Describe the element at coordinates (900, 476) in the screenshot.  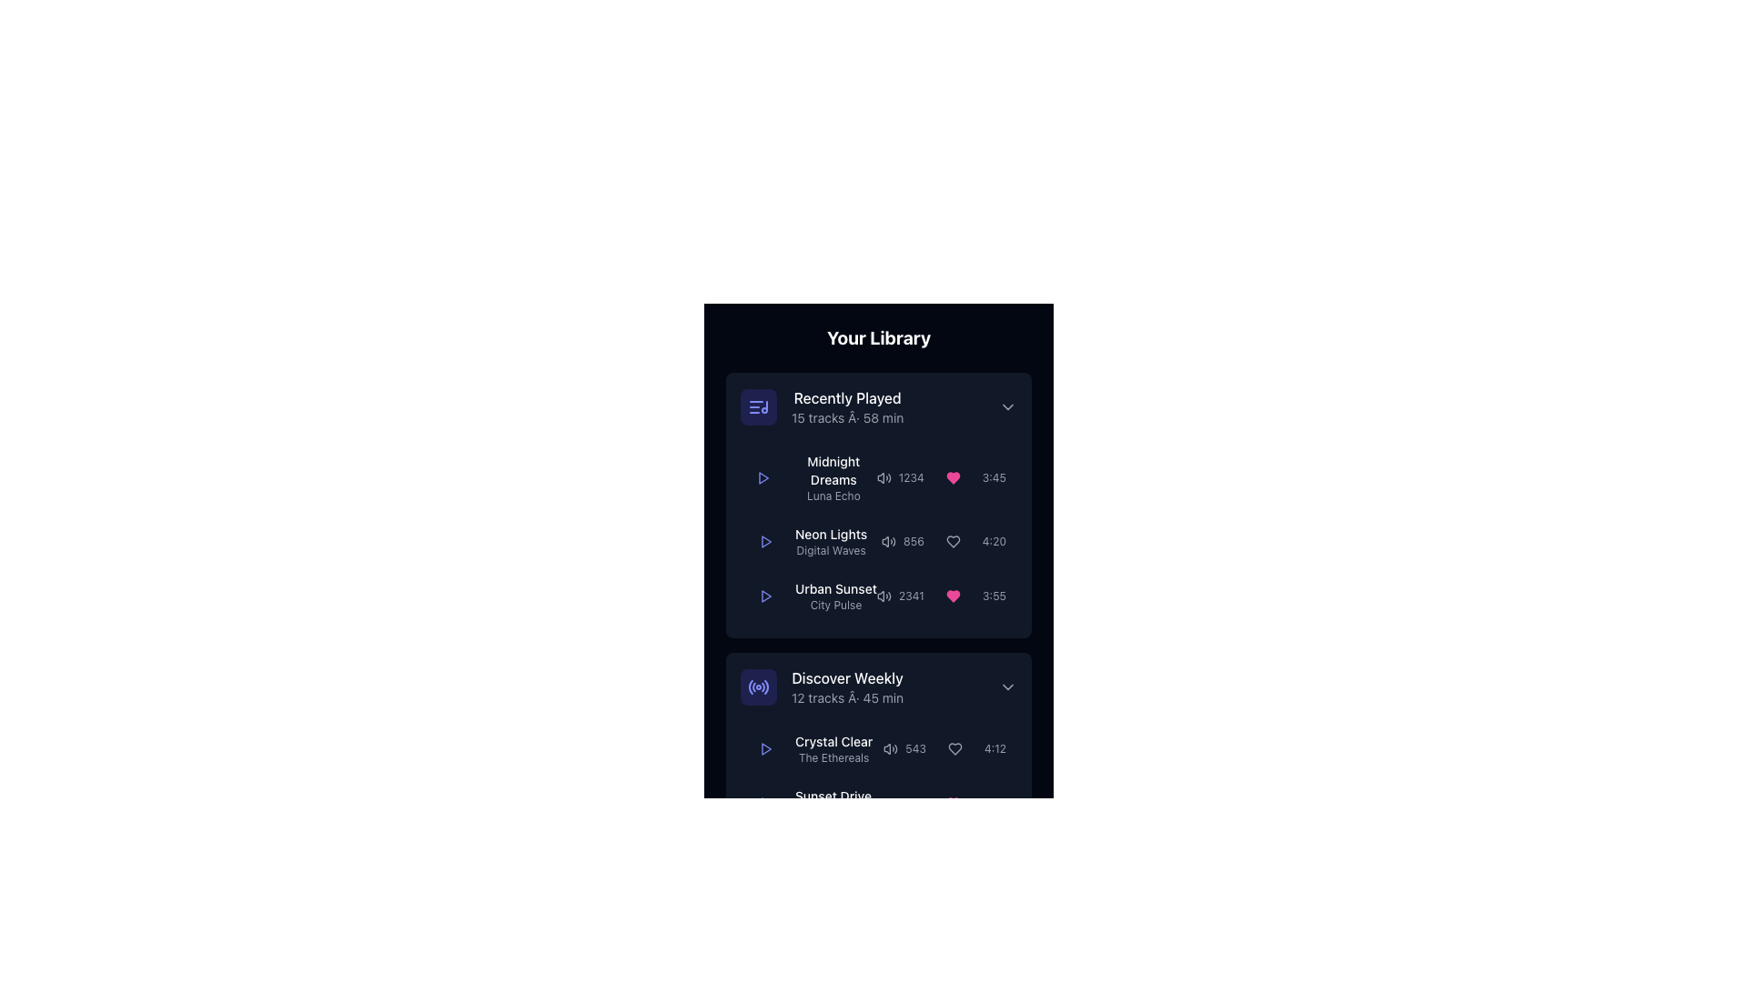
I see `the text label displaying the number '1234' in gray color, which is associated with the volume/sound icon, located in the 'Recently Played' list after the song title 'Midnight Dreams'` at that location.